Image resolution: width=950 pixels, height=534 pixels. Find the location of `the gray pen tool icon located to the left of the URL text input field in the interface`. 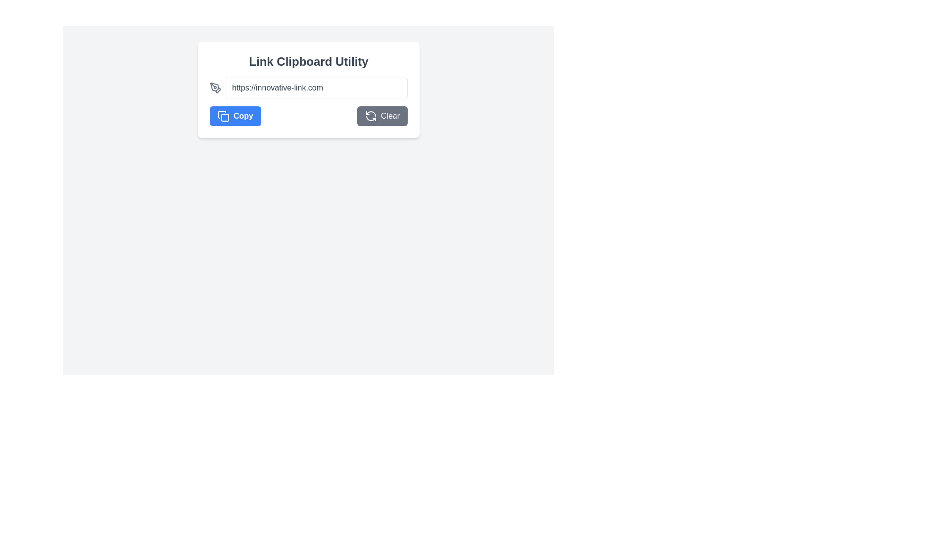

the gray pen tool icon located to the left of the URL text input field in the interface is located at coordinates (215, 87).